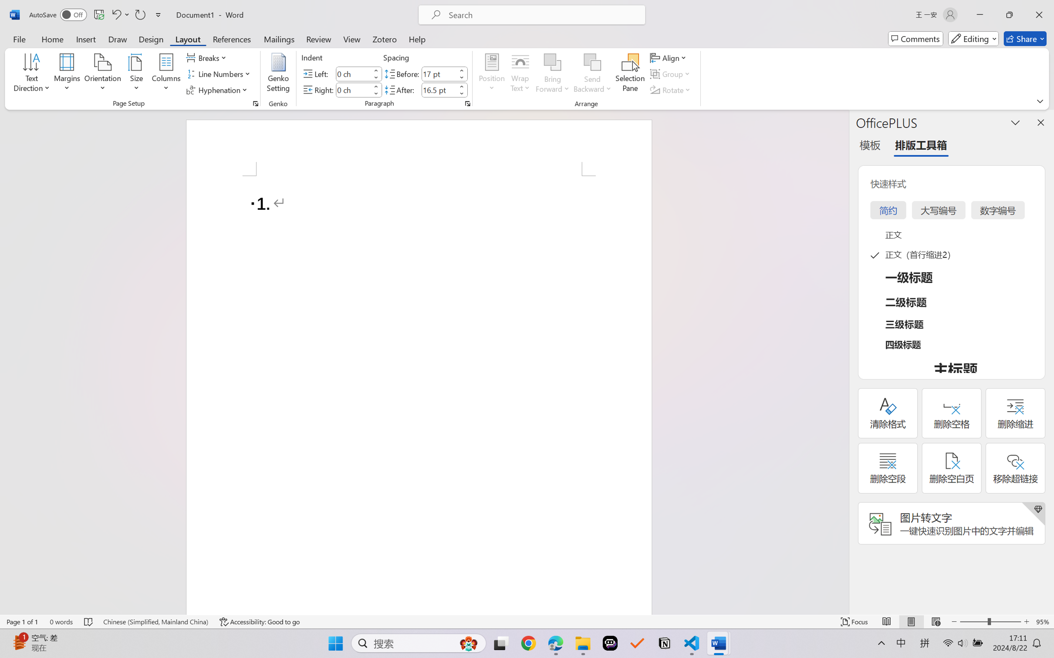 The image size is (1054, 658). Describe the element at coordinates (102, 74) in the screenshot. I see `'Orientation'` at that location.